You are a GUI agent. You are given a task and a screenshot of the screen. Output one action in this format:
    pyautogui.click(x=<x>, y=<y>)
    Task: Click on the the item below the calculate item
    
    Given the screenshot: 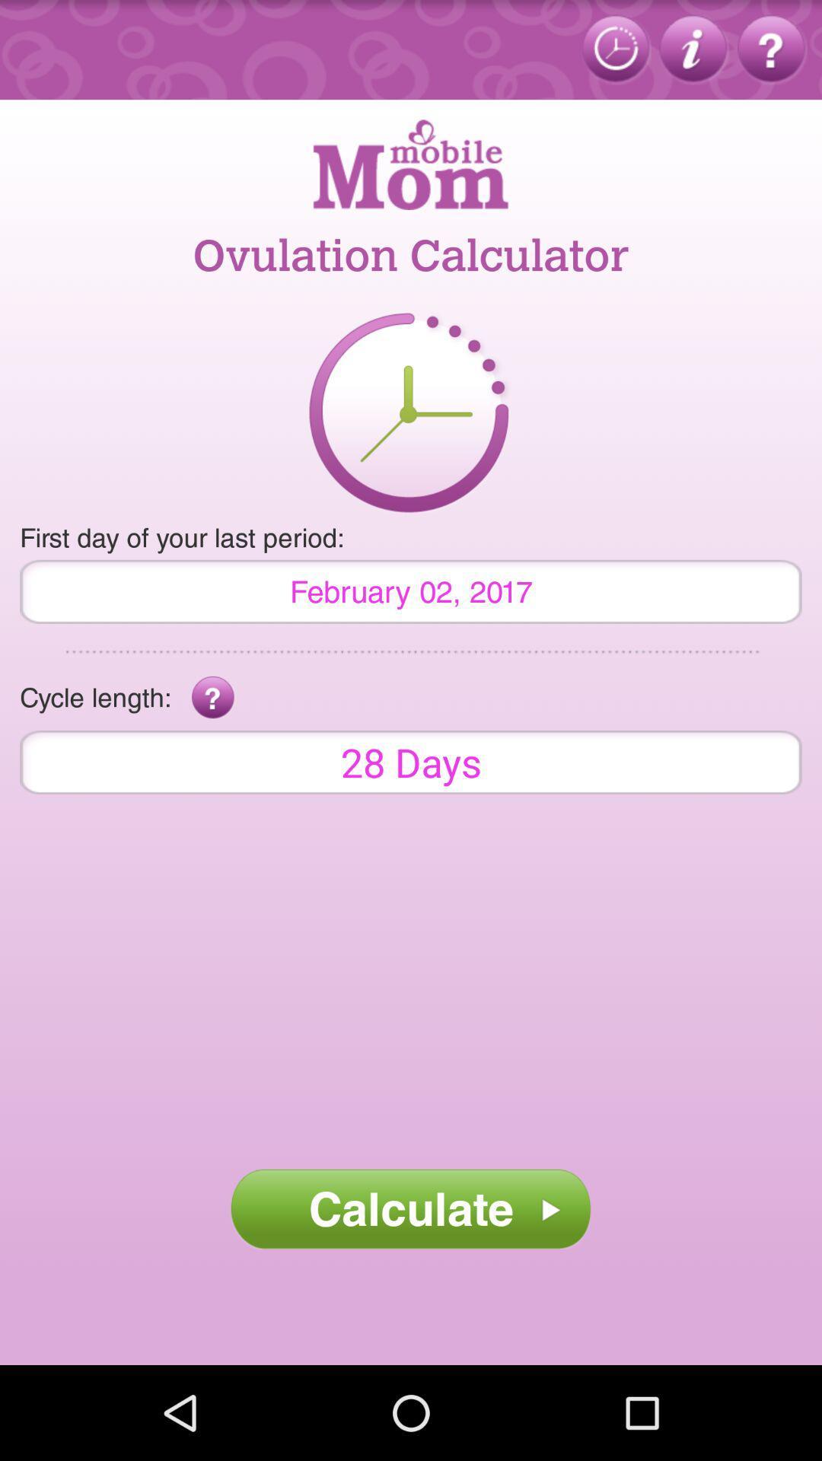 What is the action you would take?
    pyautogui.click(x=411, y=1314)
    